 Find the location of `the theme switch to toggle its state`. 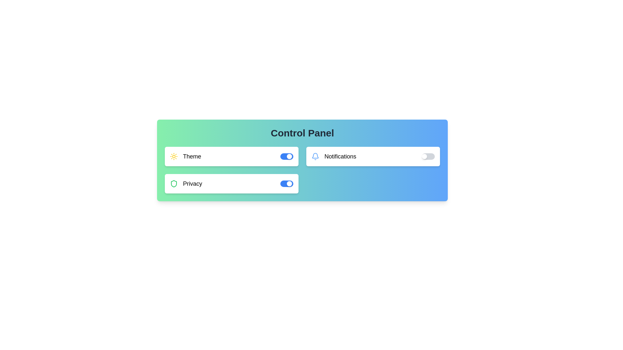

the theme switch to toggle its state is located at coordinates (286, 156).